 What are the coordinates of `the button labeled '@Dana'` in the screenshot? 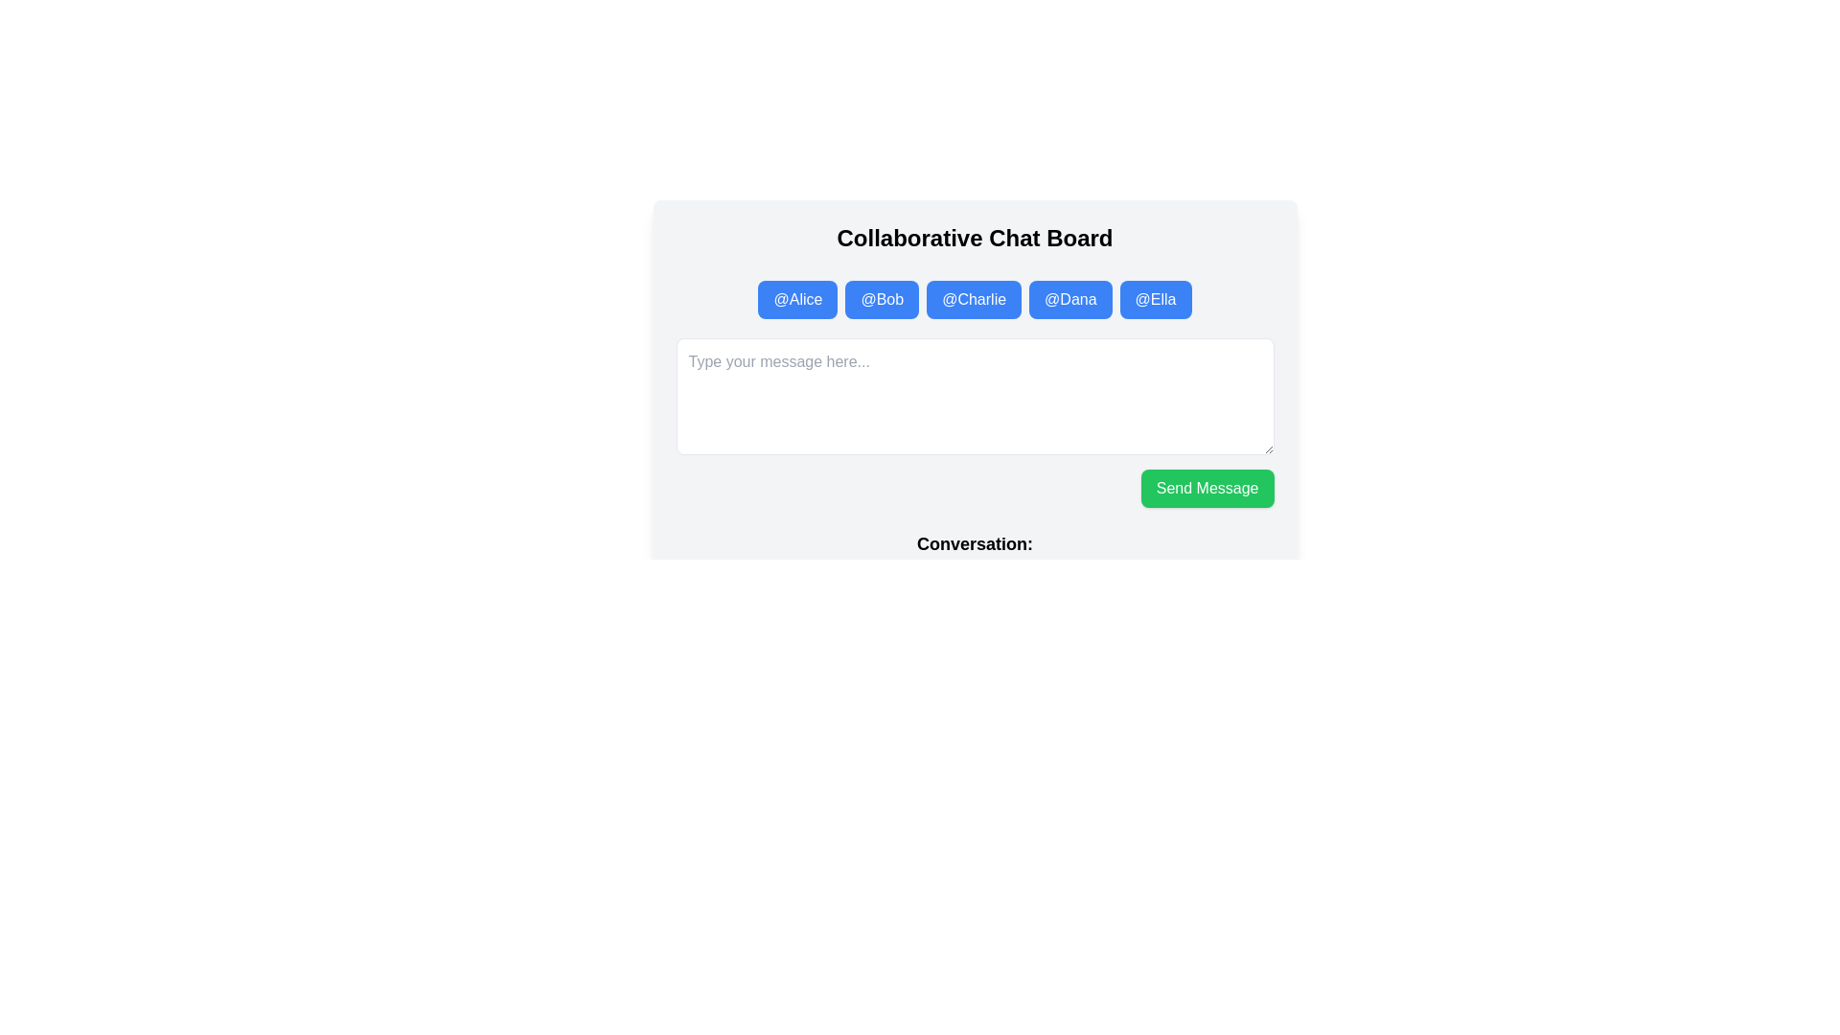 It's located at (1069, 299).